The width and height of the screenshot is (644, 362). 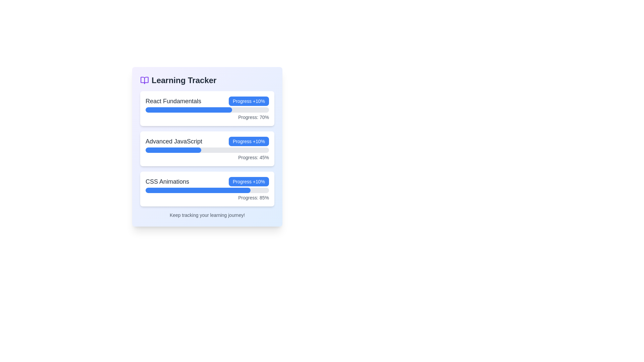 I want to click on the second card from the top in the 'Learning Tracker' section, which tracks progress in the course 'Advanced JavaScript', so click(x=207, y=148).